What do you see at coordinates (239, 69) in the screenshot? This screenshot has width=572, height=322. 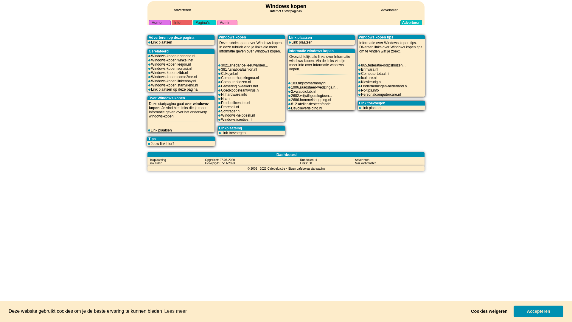 I see `'3817.snabbafashion.nl'` at bounding box center [239, 69].